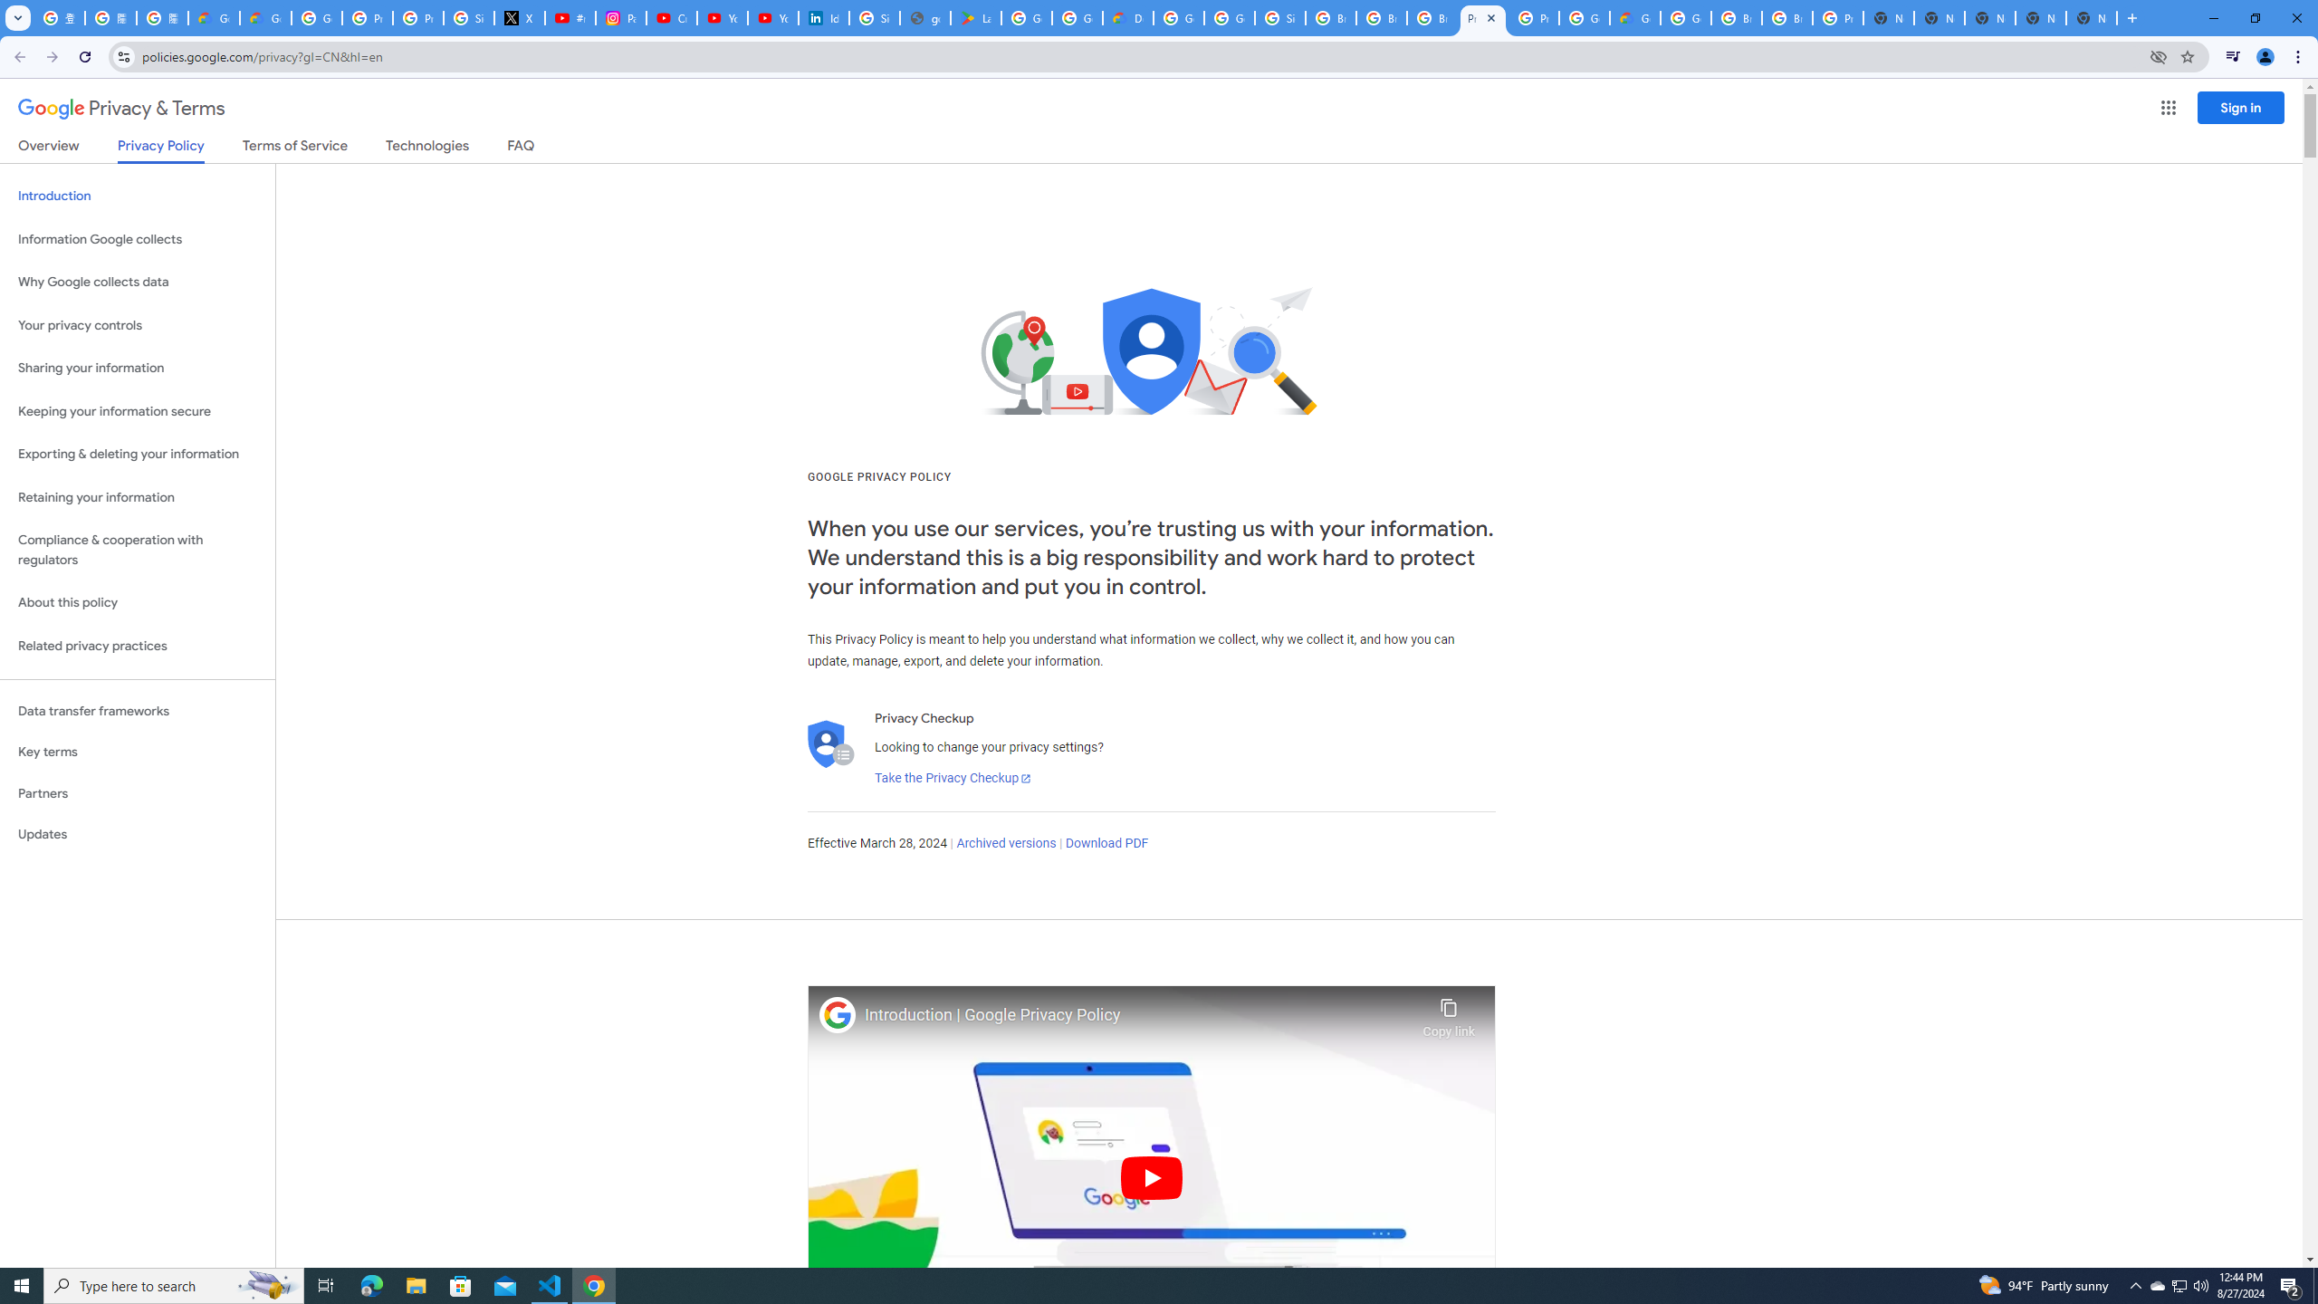  I want to click on 'Updates', so click(137, 833).